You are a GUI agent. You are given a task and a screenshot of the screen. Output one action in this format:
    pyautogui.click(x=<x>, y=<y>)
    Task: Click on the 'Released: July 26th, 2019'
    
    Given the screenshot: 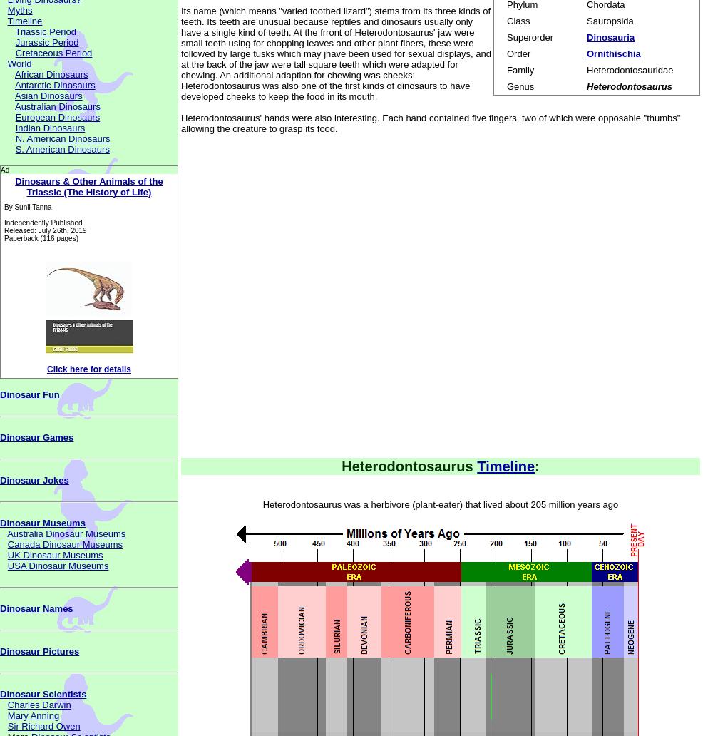 What is the action you would take?
    pyautogui.click(x=44, y=230)
    